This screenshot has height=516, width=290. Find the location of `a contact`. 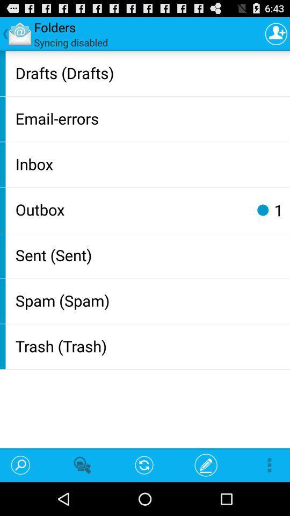

a contact is located at coordinates (276, 33).